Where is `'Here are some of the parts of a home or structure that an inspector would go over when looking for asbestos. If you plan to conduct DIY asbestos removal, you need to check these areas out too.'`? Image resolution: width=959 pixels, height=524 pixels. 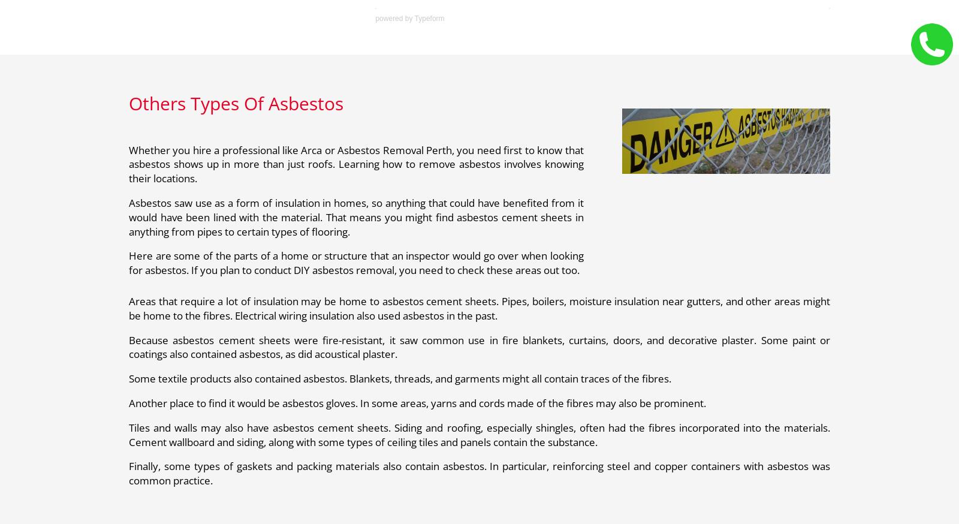
'Here are some of the parts of a home or structure that an inspector would go over when looking for asbestos. If you plan to conduct DIY asbestos removal, you need to check these areas out too.' is located at coordinates (355, 262).